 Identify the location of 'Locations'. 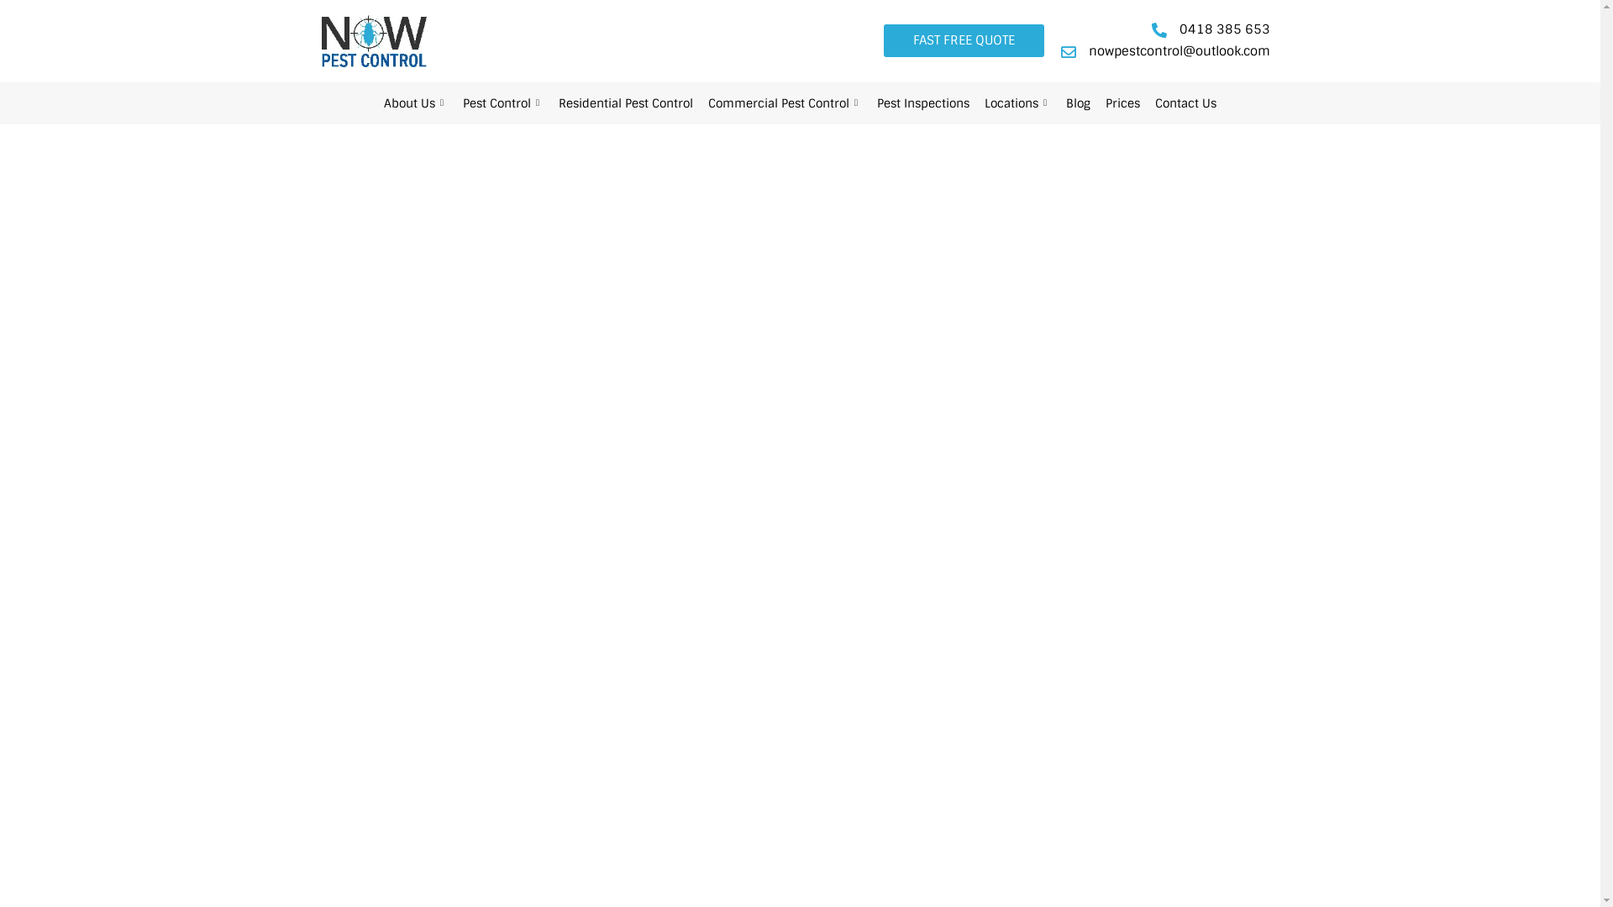
(1017, 103).